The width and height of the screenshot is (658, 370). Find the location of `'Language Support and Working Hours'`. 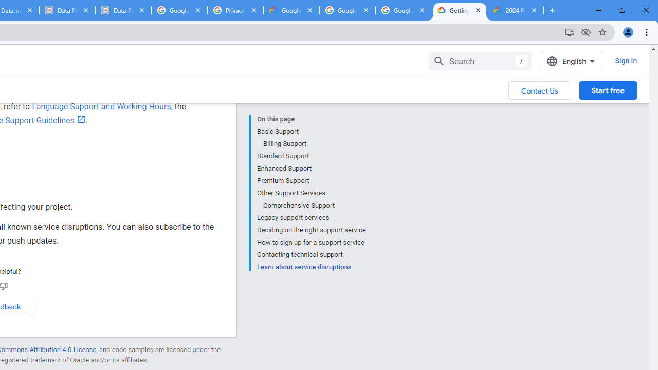

'Language Support and Working Hours' is located at coordinates (101, 106).